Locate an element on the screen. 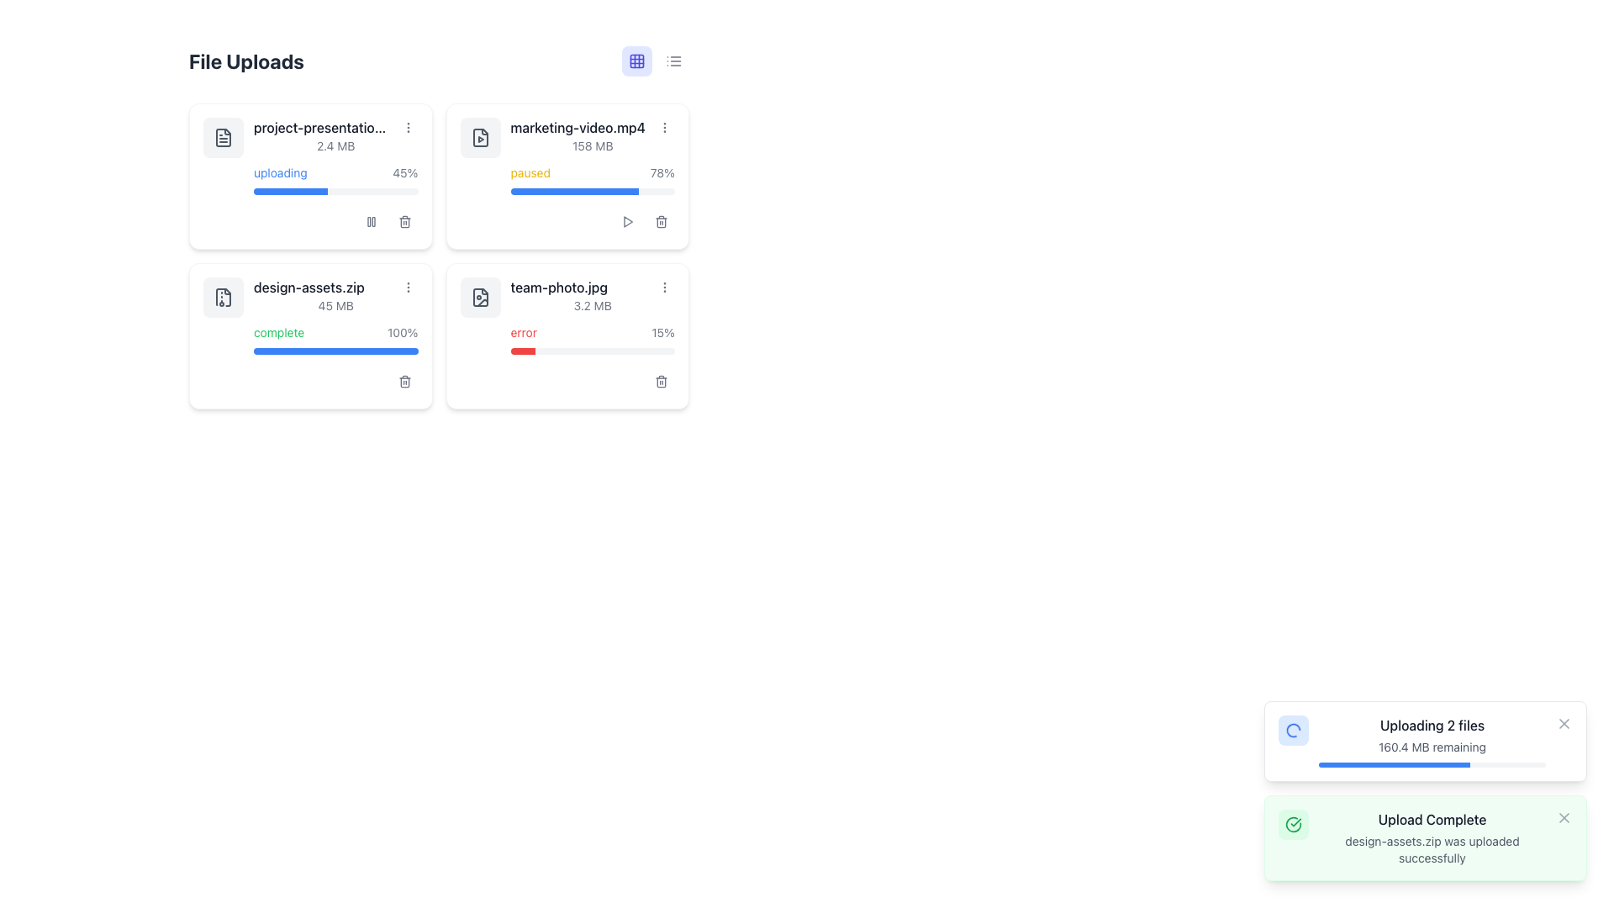  the green notification box at the bottom right of the interface that indicates 'Upload Complete' is located at coordinates (1424, 837).